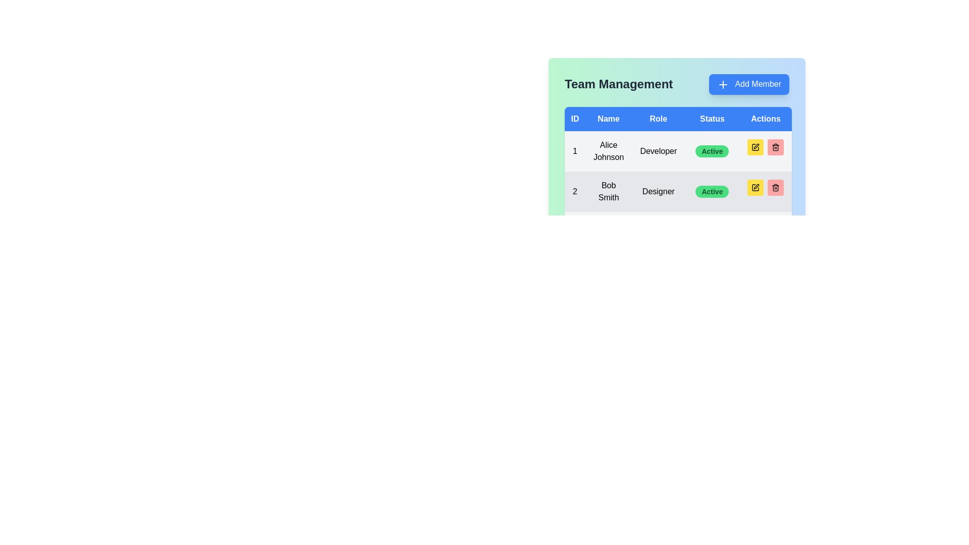  I want to click on the 'Role' header label in the blue-colored header bar, which is the third label from the left, so click(658, 118).